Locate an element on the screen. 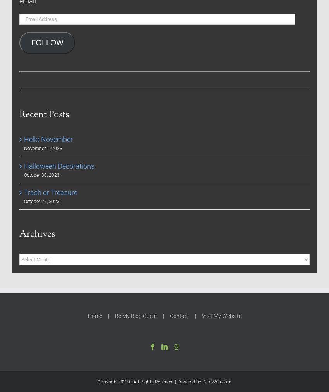 This screenshot has width=329, height=392. 'Visit My Website' is located at coordinates (221, 315).